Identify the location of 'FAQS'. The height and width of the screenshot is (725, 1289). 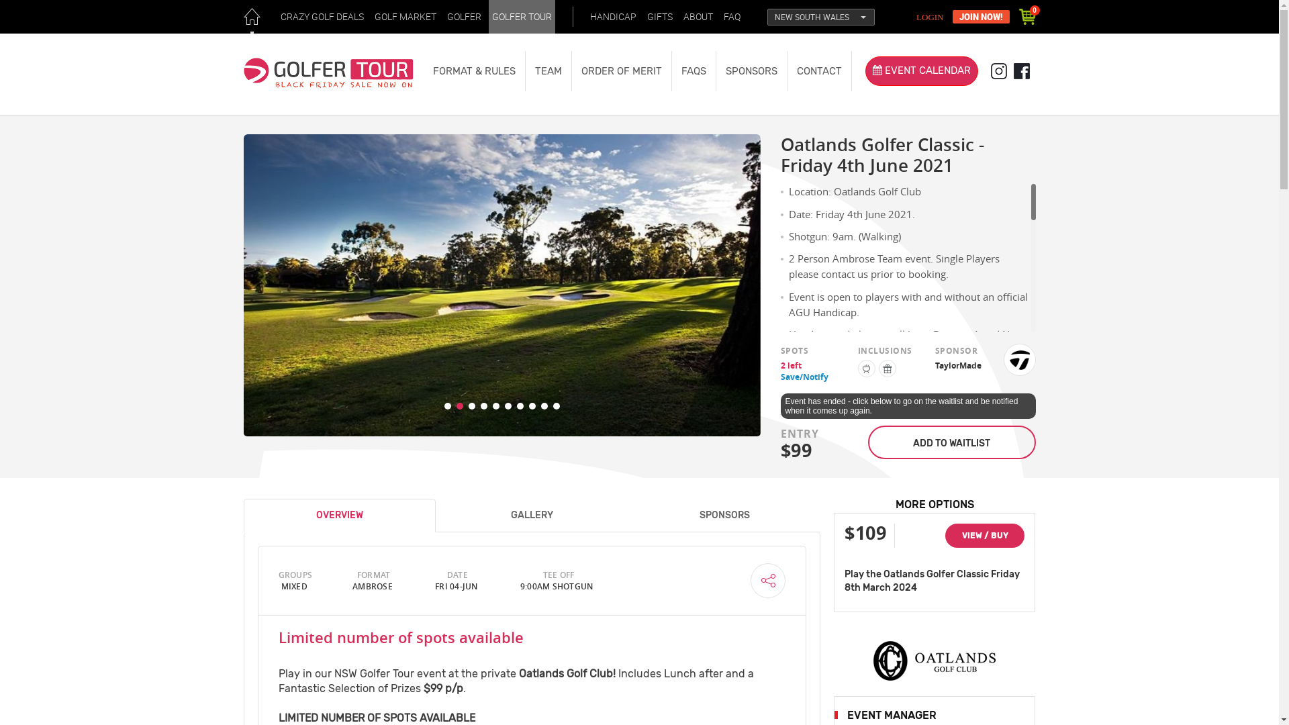
(677, 70).